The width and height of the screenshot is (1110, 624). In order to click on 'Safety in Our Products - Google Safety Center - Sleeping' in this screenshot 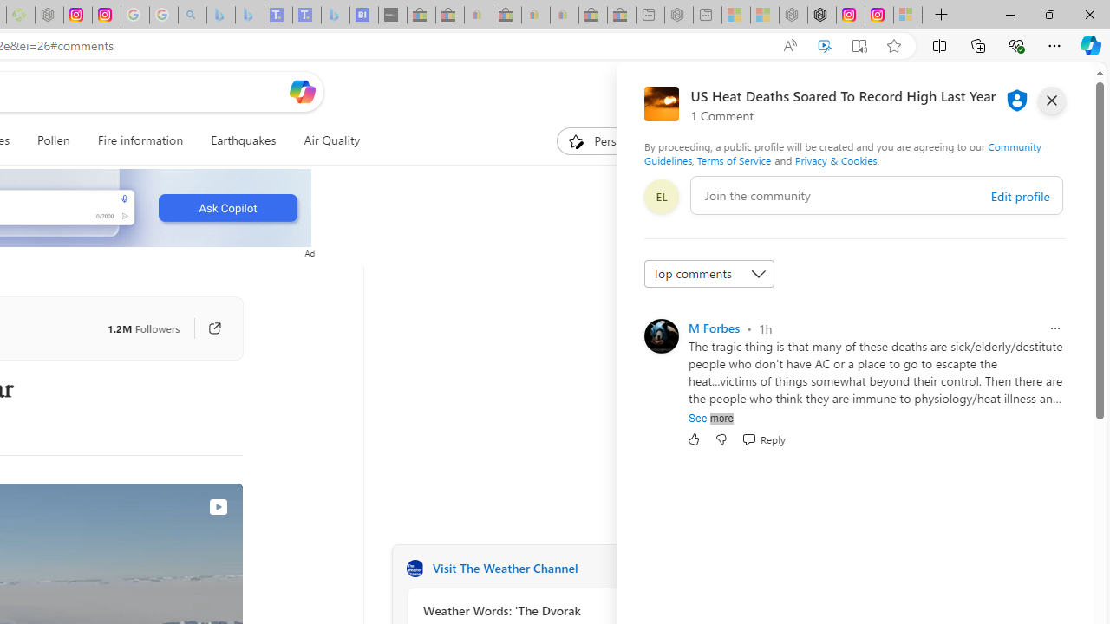, I will do `click(134, 15)`.